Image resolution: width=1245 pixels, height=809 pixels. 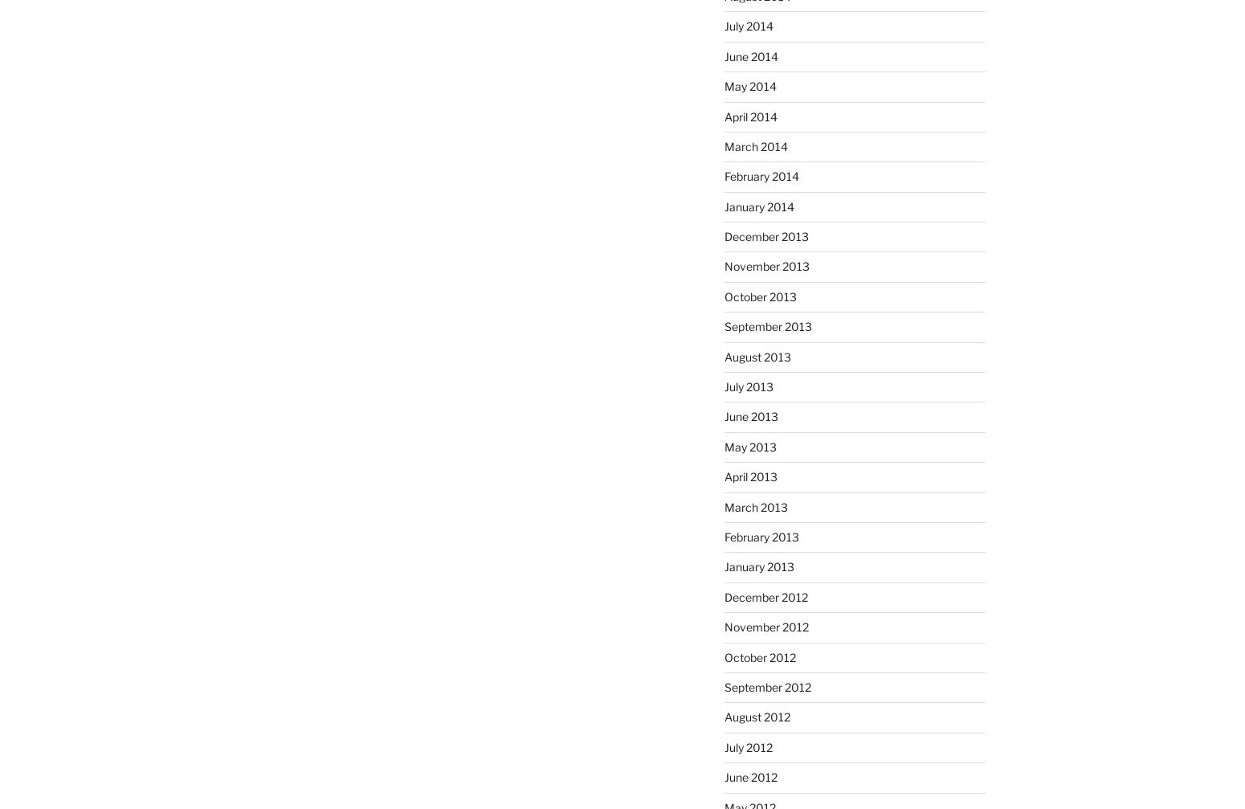 I want to click on 'October 2012', so click(x=758, y=656).